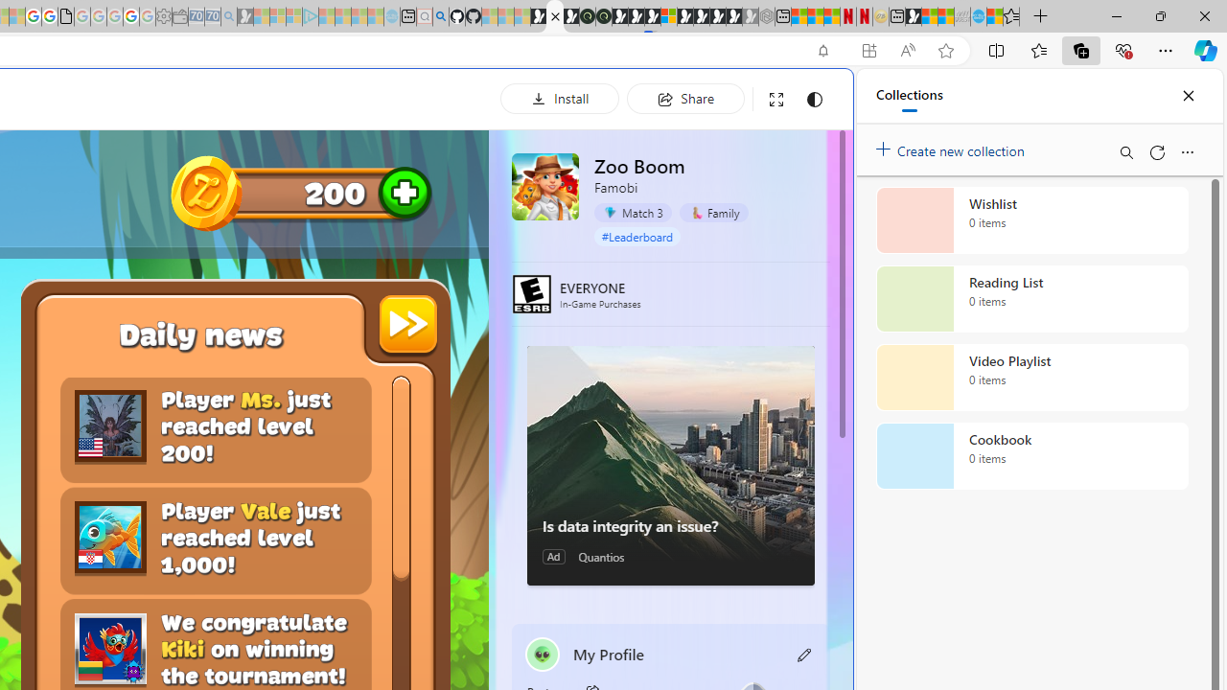 This screenshot has height=690, width=1227. What do you see at coordinates (244, 16) in the screenshot?
I see `'Microsoft Start Gaming - Sleeping'` at bounding box center [244, 16].